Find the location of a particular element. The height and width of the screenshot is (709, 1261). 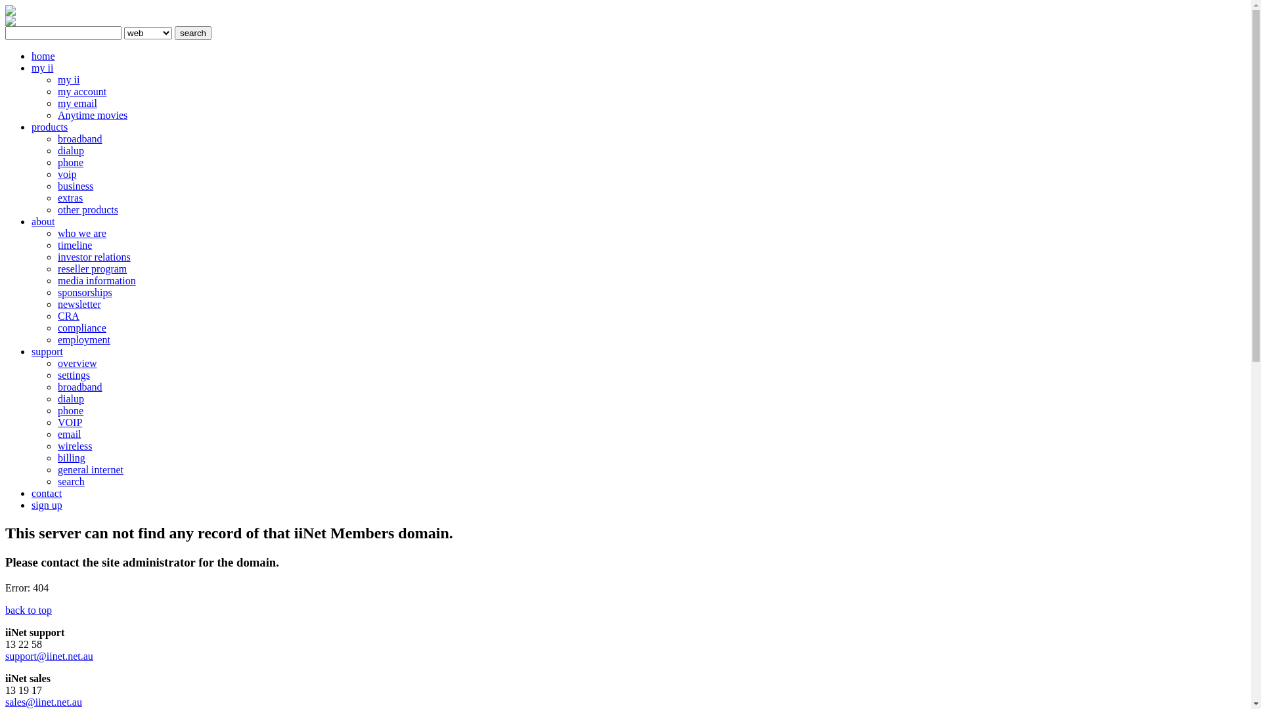

'products' is located at coordinates (32, 127).